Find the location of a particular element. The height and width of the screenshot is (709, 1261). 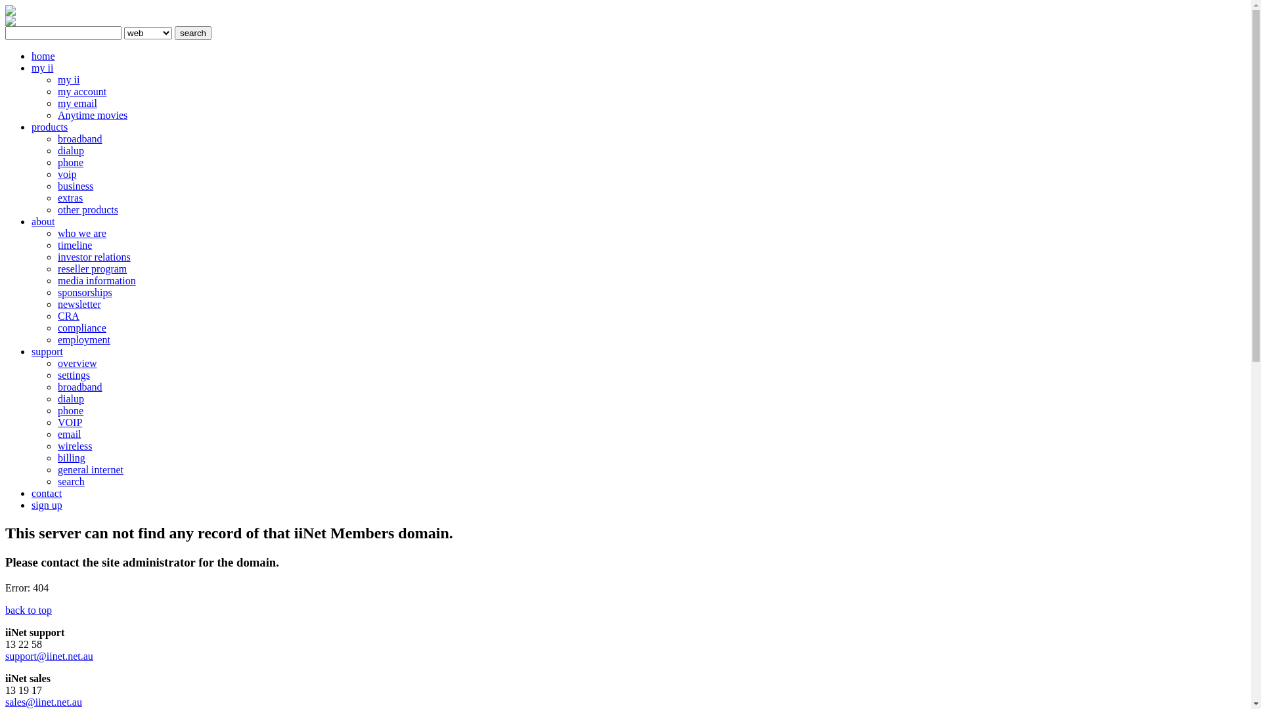

'products' is located at coordinates (32, 127).